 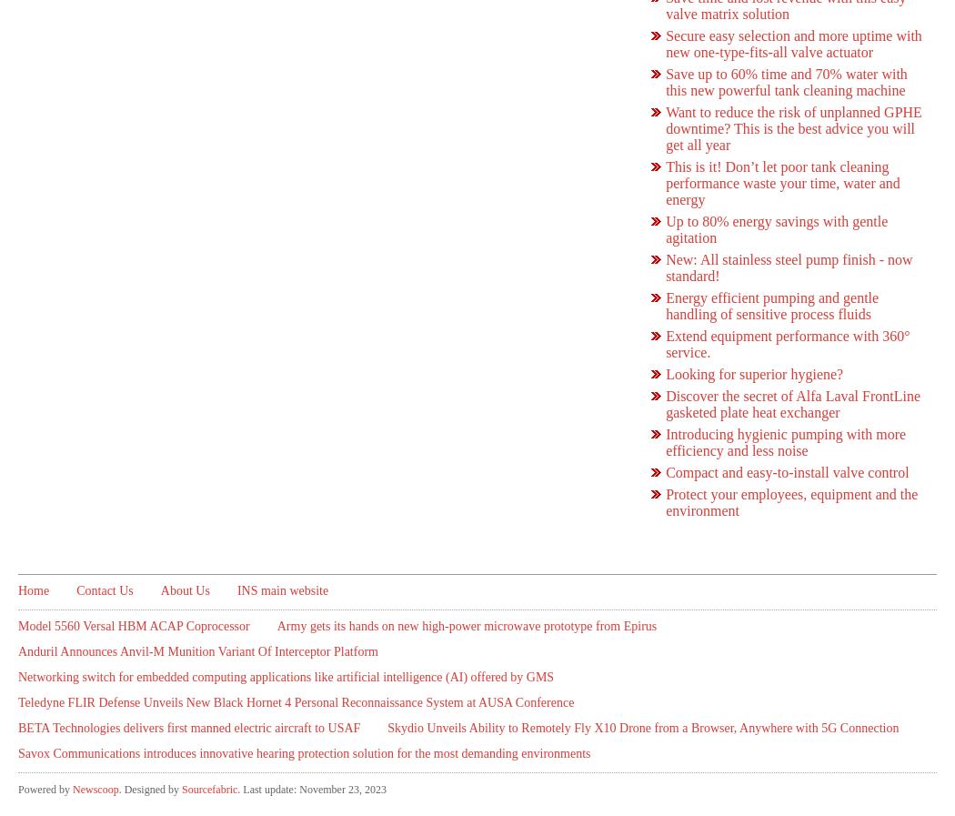 I want to click on 'Model 5560 Versal HBM ACAP Coprocessor', so click(x=133, y=626).